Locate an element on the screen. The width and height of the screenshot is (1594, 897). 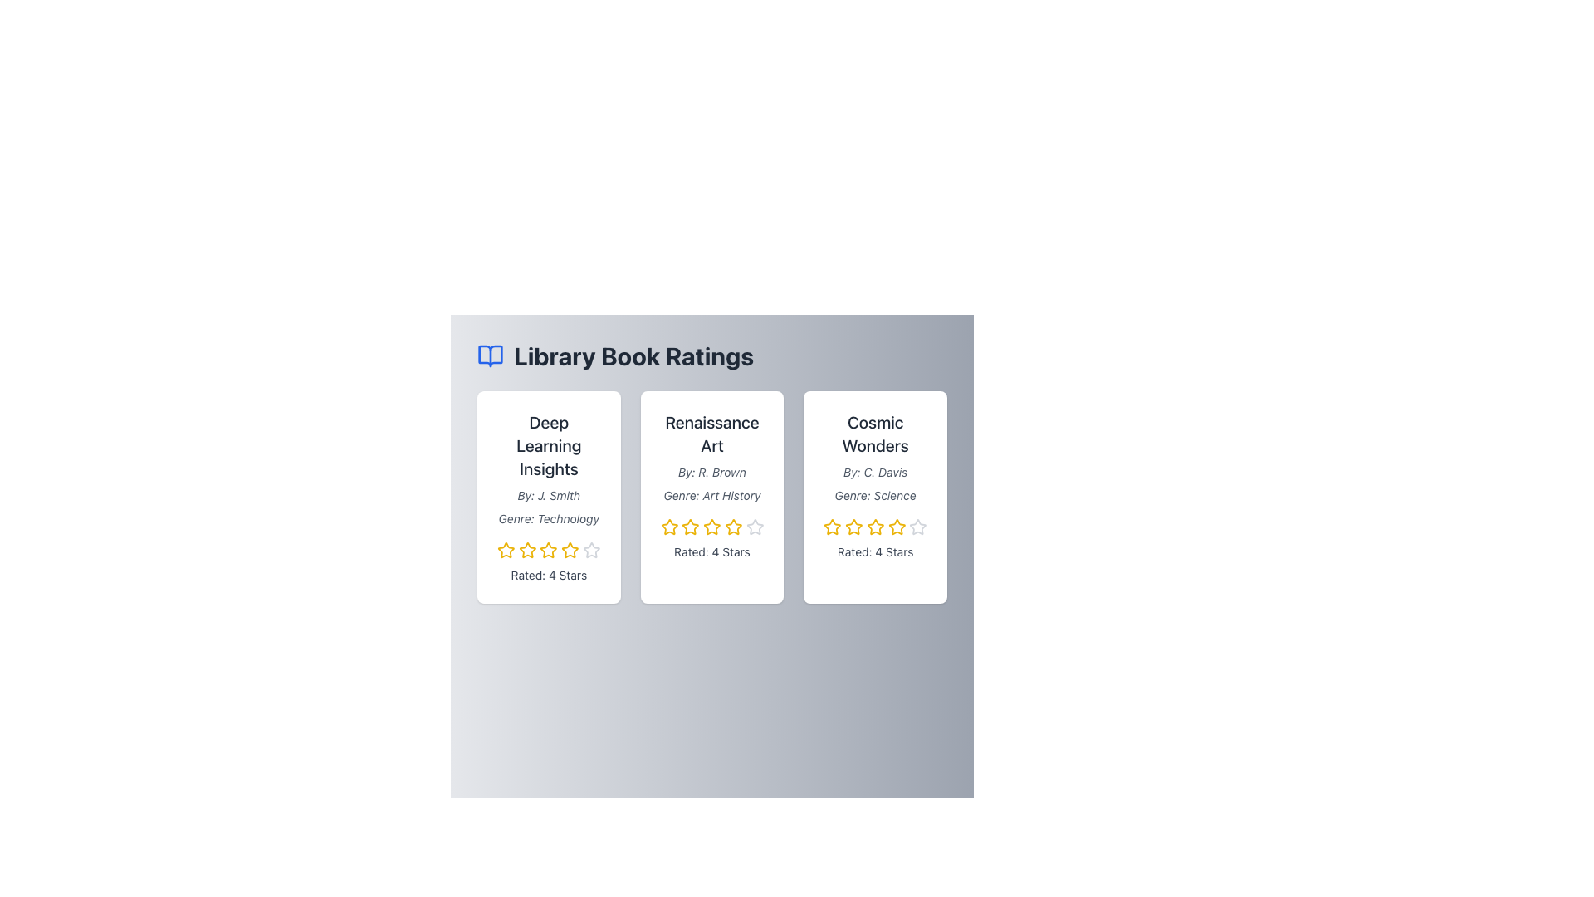
the first yellow five-pointed star in the row of rating stars below the 'Deep Learning Insights' card is located at coordinates (505, 550).